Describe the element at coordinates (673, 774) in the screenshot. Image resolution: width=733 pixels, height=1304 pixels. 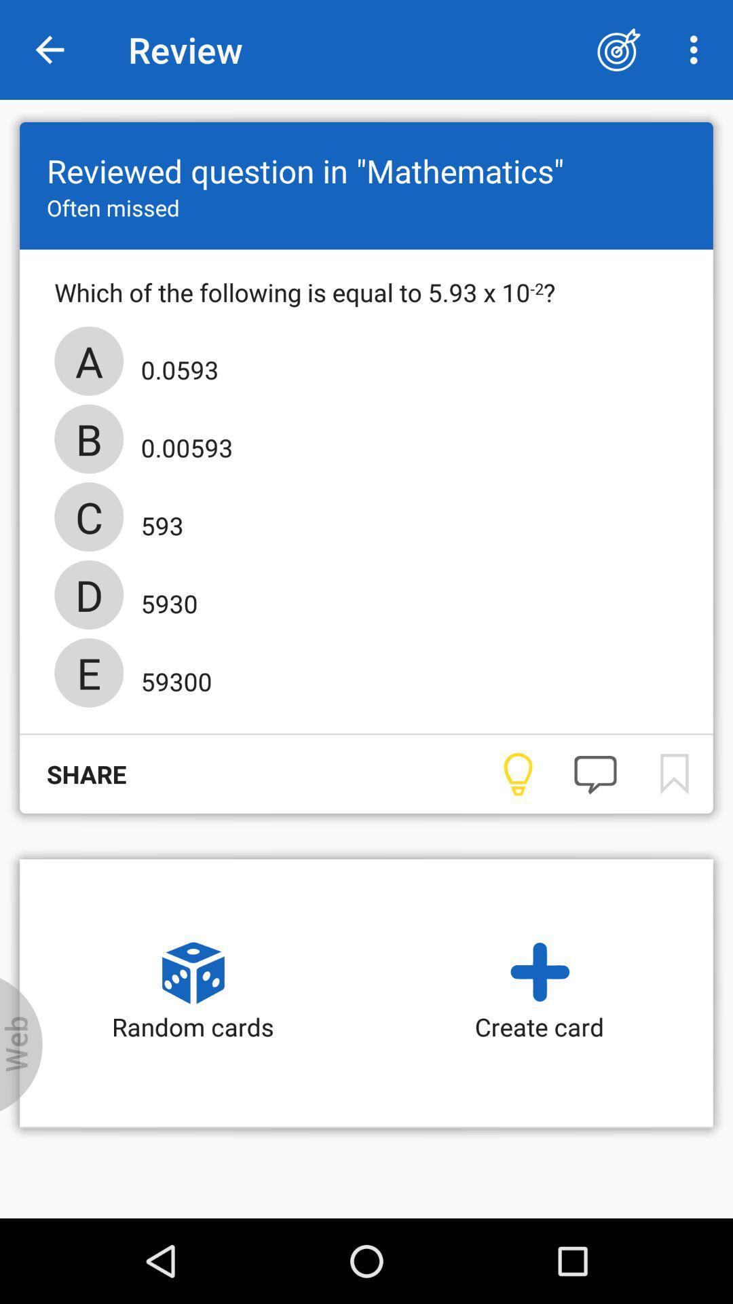
I see `bookmark` at that location.